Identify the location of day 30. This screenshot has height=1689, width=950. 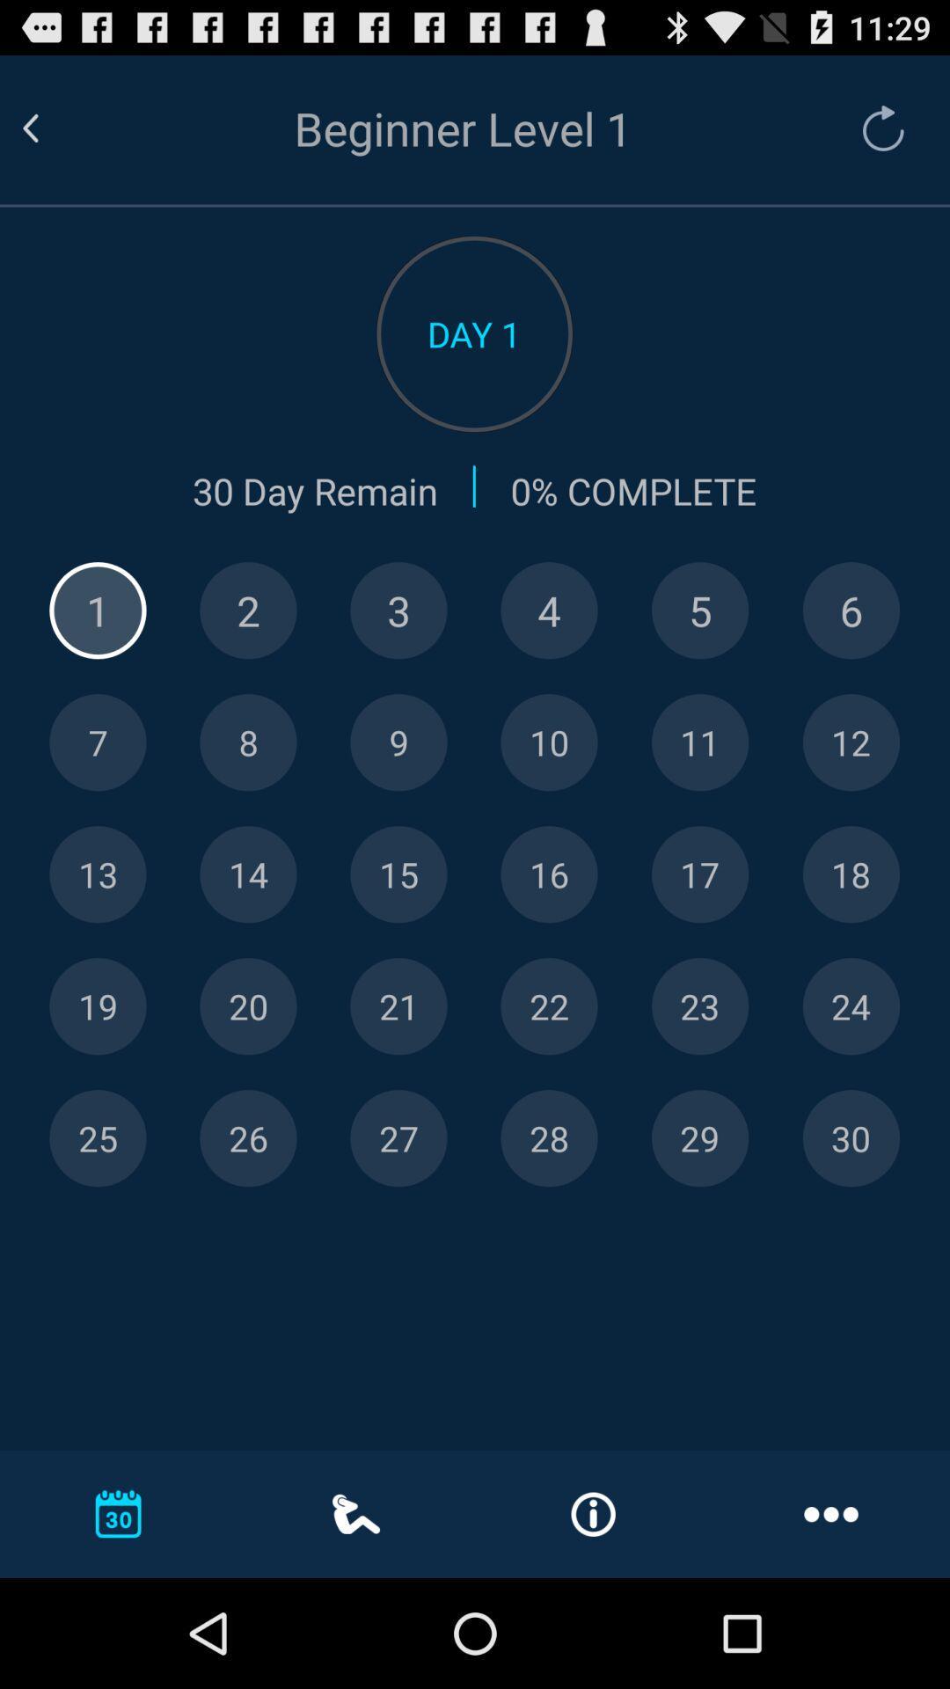
(850, 1138).